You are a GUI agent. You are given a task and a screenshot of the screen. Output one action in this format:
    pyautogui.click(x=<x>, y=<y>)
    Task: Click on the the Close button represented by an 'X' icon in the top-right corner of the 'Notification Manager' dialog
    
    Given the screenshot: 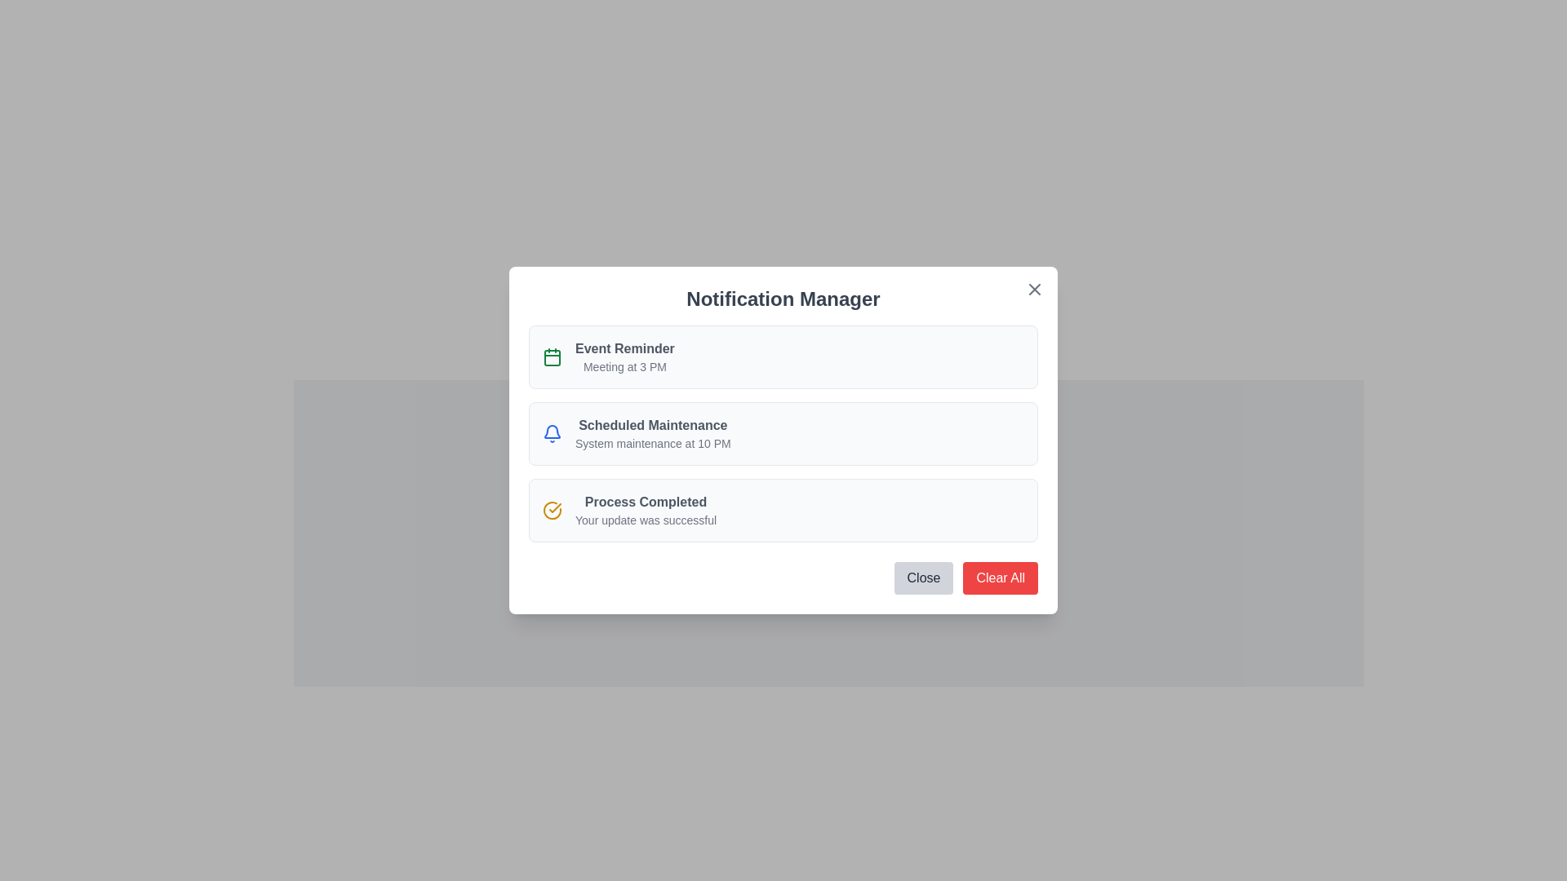 What is the action you would take?
    pyautogui.click(x=1033, y=288)
    